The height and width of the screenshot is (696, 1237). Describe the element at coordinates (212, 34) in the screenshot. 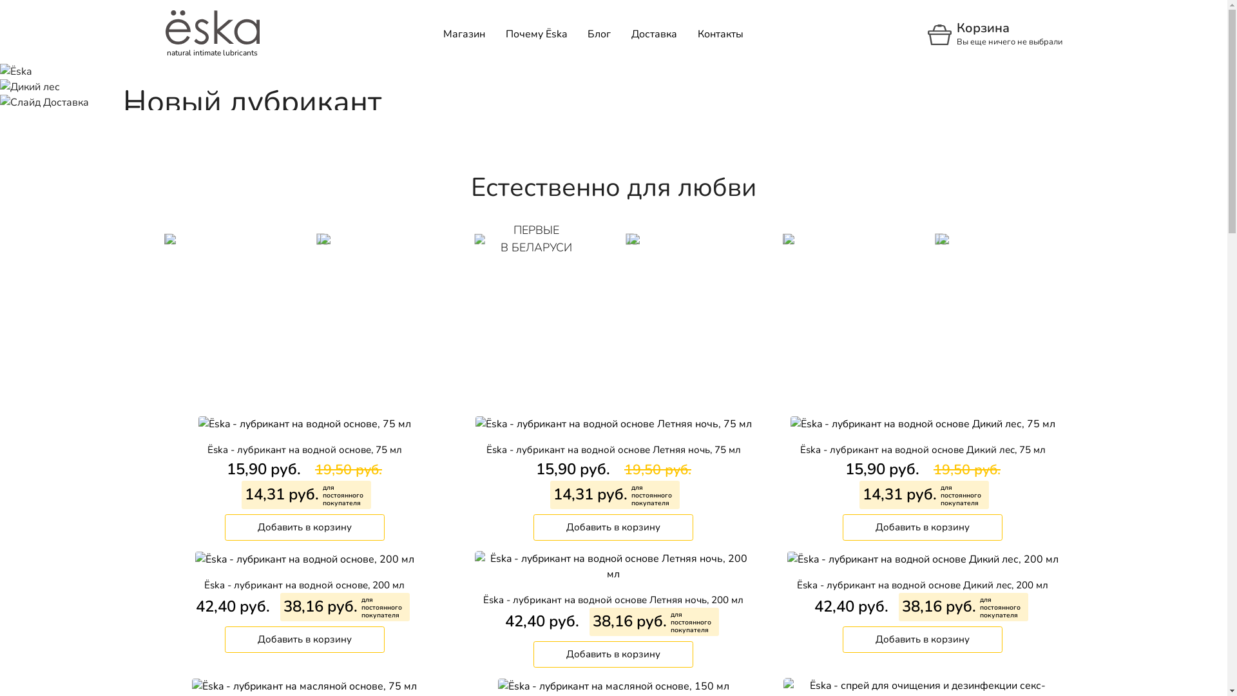

I see `'natural intimate lubricants'` at that location.